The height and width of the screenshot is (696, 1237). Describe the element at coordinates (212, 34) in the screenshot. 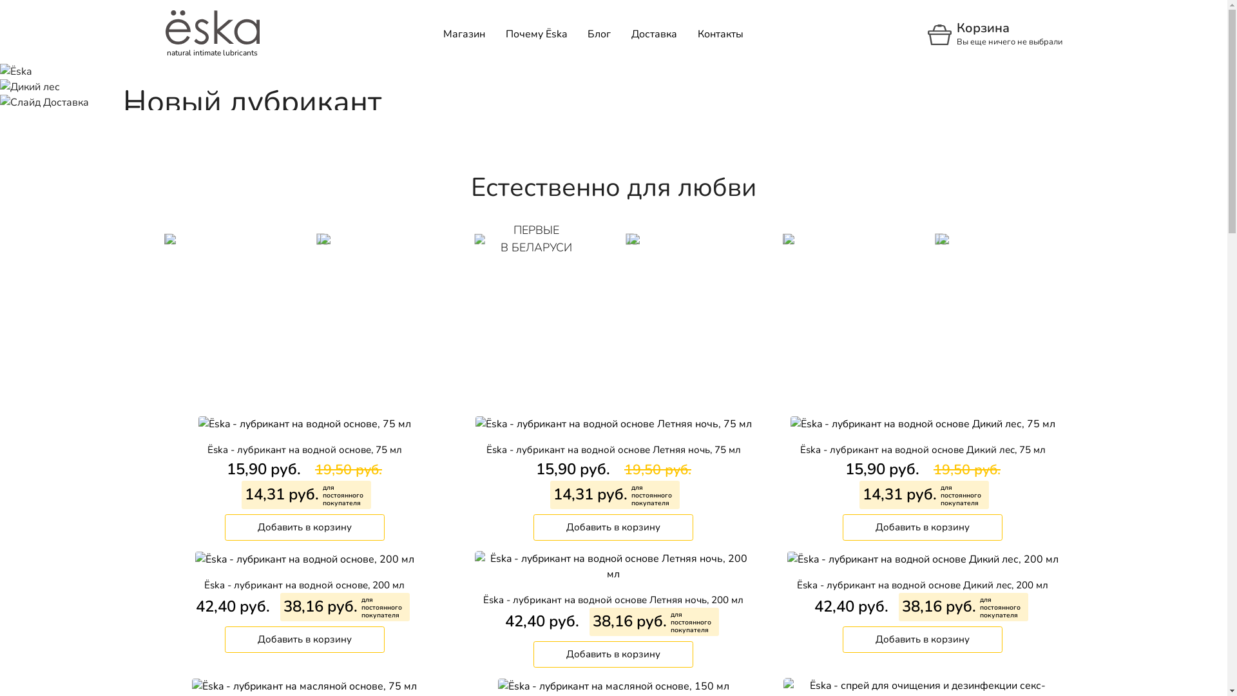

I see `'natural intimate lubricants'` at that location.